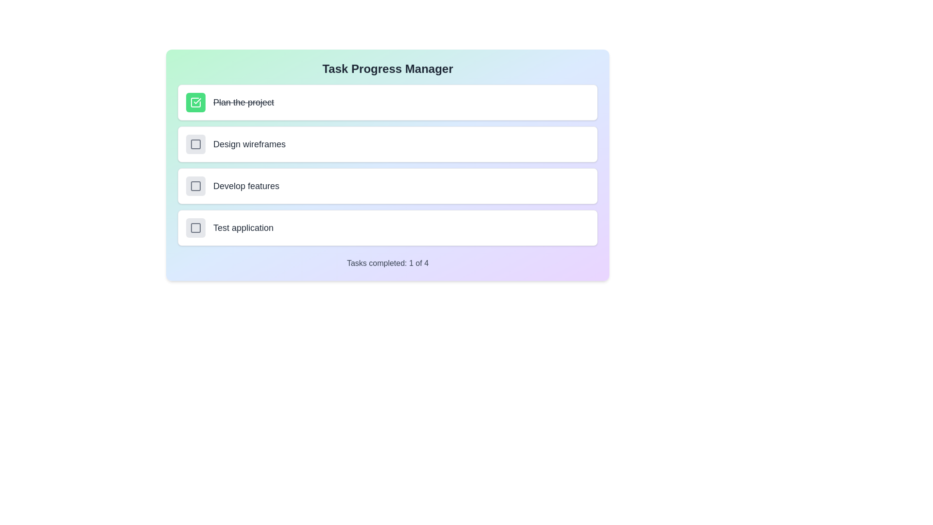 The image size is (933, 525). Describe the element at coordinates (195, 103) in the screenshot. I see `the completion status icon located to the left of the 'Plan the project' task text` at that location.